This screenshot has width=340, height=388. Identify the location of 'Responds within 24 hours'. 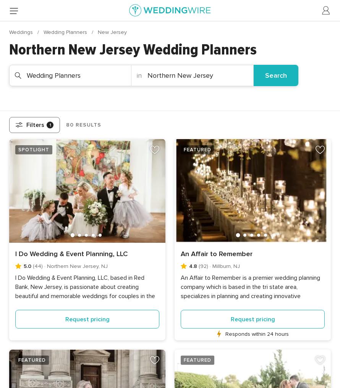
(225, 333).